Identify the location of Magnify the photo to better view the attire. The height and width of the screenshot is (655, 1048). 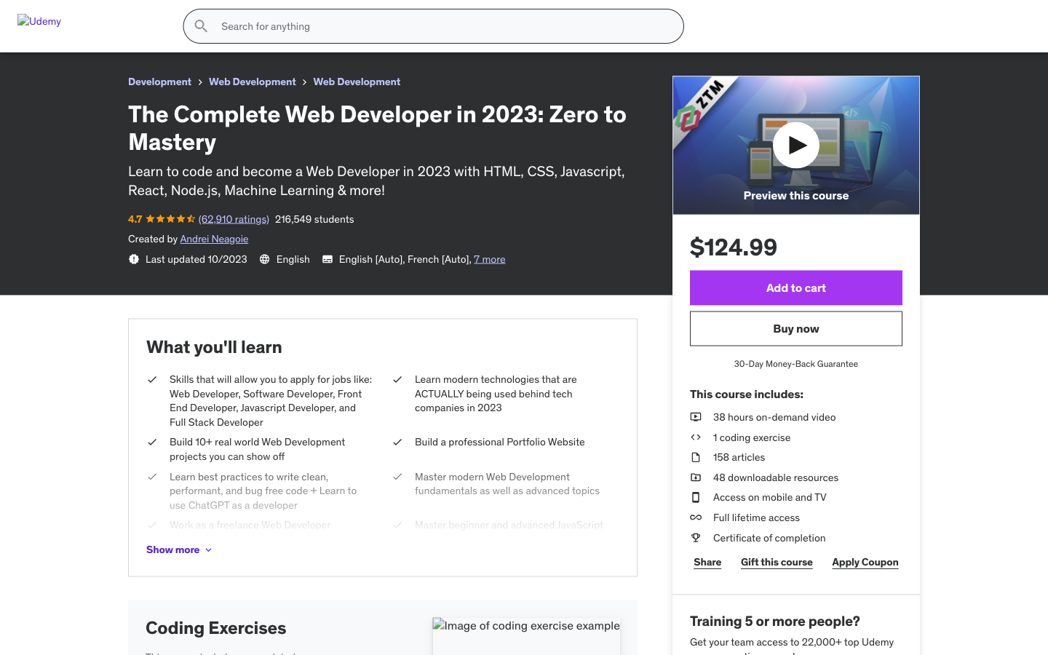
(606, 530).